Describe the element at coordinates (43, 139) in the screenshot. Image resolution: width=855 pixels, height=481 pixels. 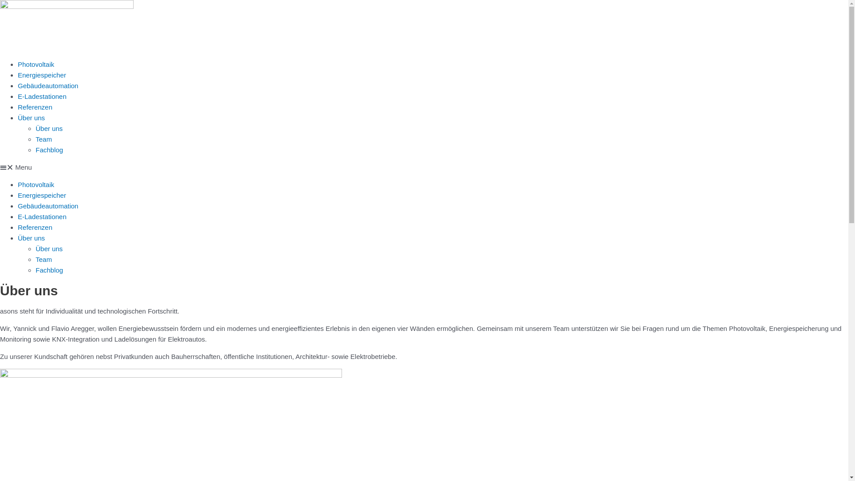
I see `'Team'` at that location.